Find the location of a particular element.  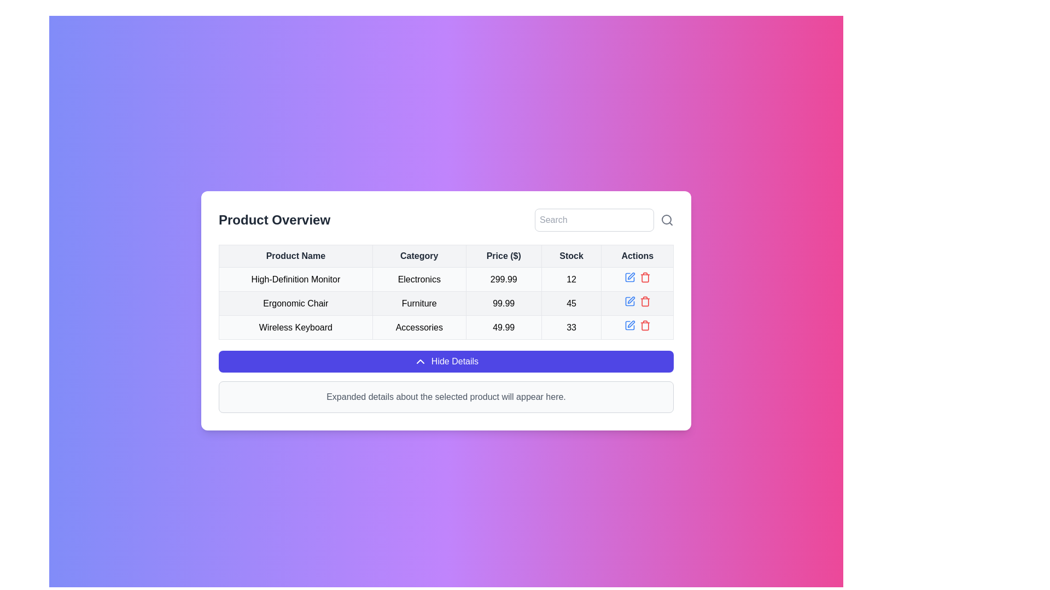

displayed stock level of the item 'Wireless Keyboard' located in the 'Stock' column of the third row, to the right of the price cell '49.99' and left of the 'Actions' cell is located at coordinates (571, 327).